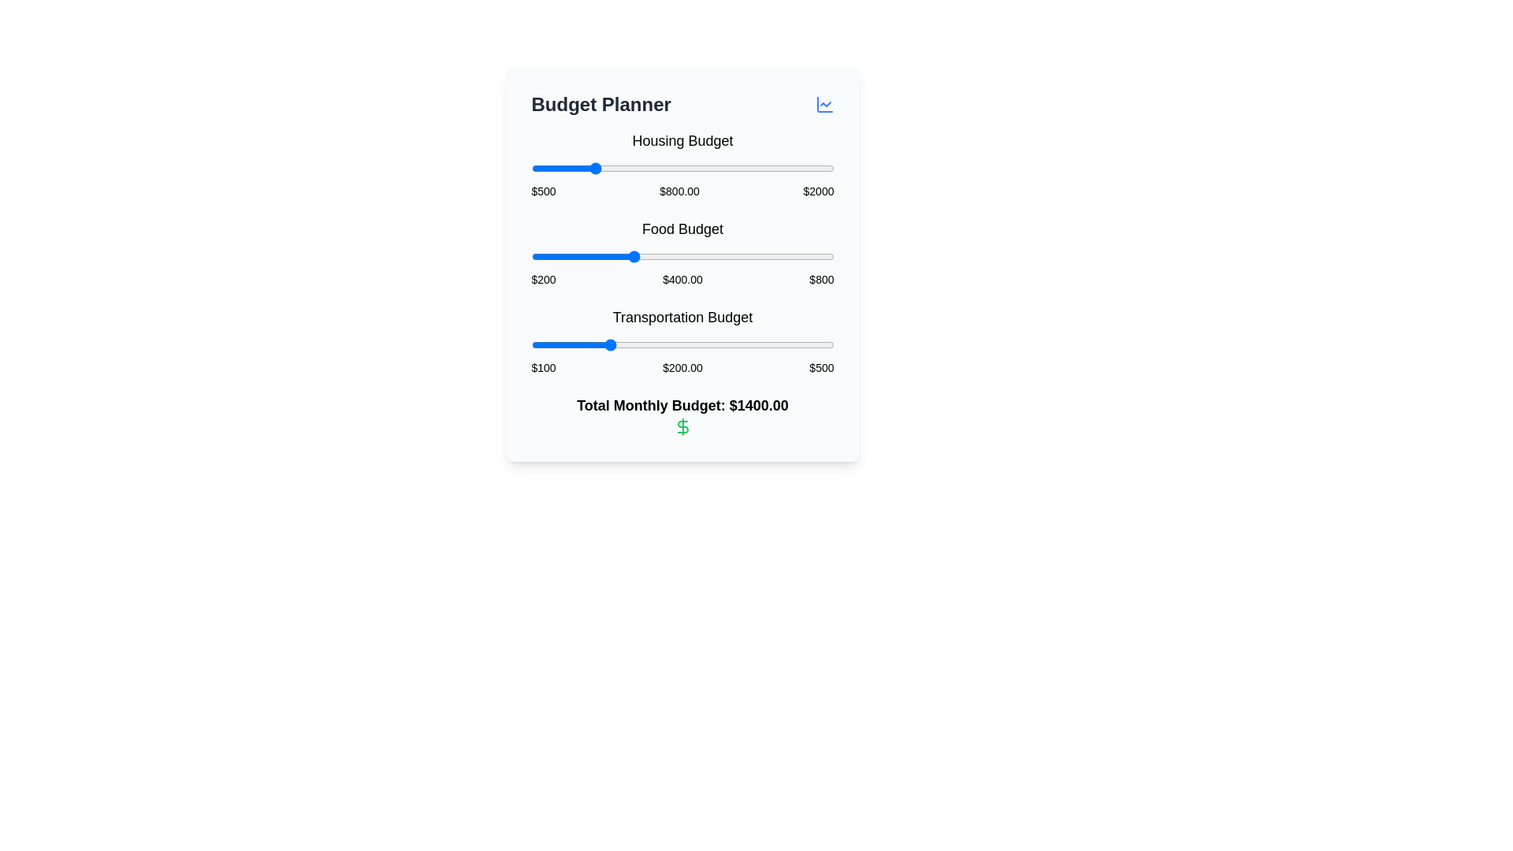 The height and width of the screenshot is (851, 1513). What do you see at coordinates (741, 344) in the screenshot?
I see `the transportation budget` at bounding box center [741, 344].